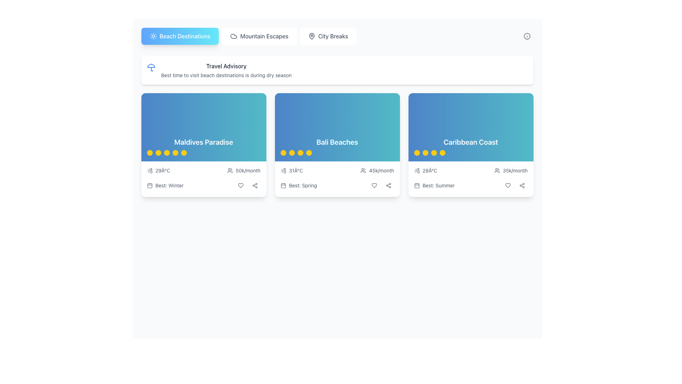  I want to click on the textual information presented in the 'Best: Winter' text element, which is styled in a smaller gray font and located within the card layout of 'Maldives Paradise', so click(203, 185).